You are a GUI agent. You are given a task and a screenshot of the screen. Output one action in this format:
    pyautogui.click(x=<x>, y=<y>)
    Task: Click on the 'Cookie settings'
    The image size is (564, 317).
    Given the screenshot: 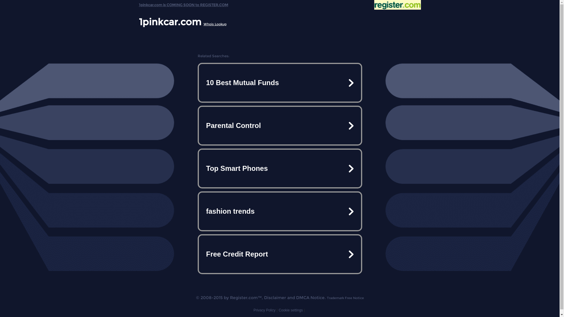 What is the action you would take?
    pyautogui.click(x=291, y=310)
    